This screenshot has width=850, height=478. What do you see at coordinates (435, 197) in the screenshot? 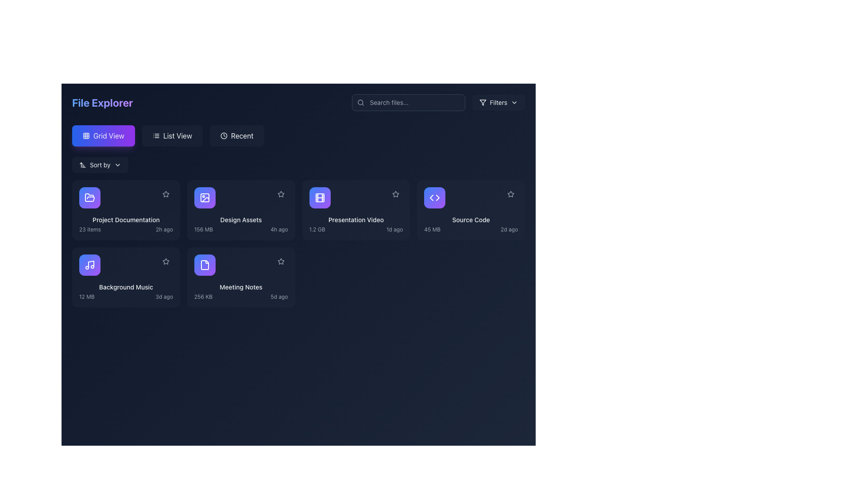
I see `the Source Code icon, which is a gradient-filled circle with angle brackets, located in the fourth grid item` at bounding box center [435, 197].